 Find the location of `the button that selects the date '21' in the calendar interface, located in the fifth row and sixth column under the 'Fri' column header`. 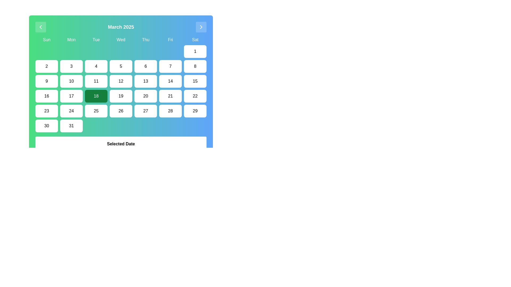

the button that selects the date '21' in the calendar interface, located in the fifth row and sixth column under the 'Fri' column header is located at coordinates (170, 96).